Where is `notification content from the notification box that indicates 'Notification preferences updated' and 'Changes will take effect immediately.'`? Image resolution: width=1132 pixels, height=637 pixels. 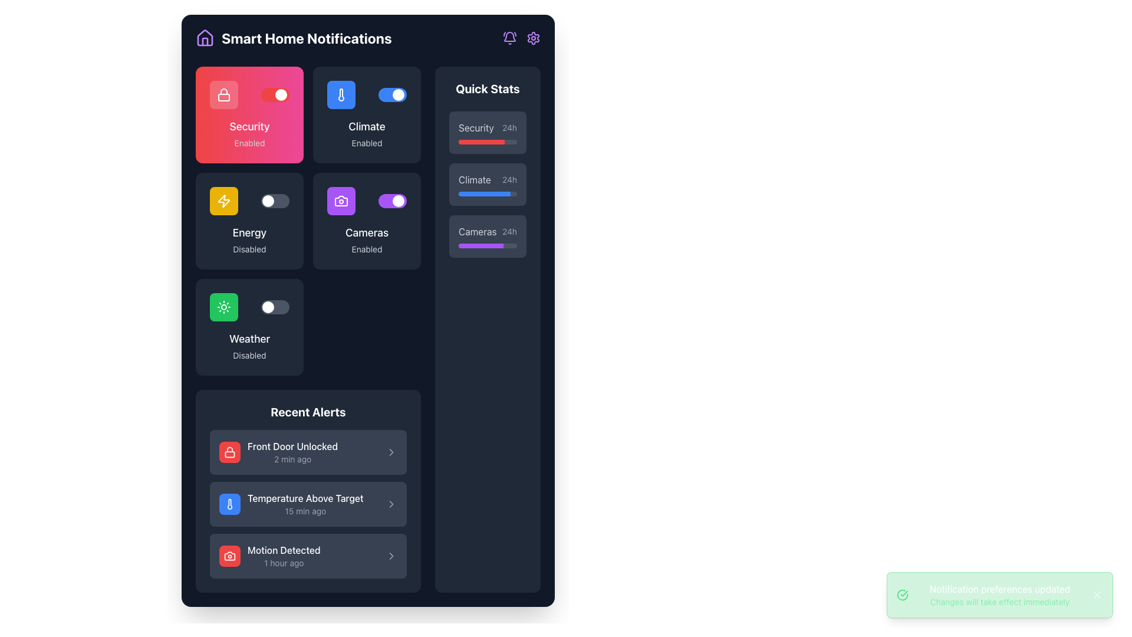 notification content from the notification box that indicates 'Notification preferences updated' and 'Changes will take effect immediately.' is located at coordinates (999, 595).